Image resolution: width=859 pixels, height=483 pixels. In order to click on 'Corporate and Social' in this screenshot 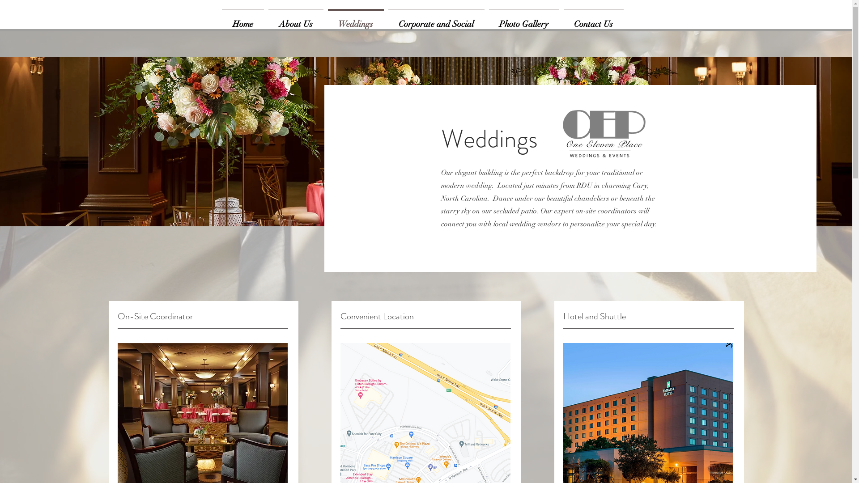, I will do `click(436, 20)`.